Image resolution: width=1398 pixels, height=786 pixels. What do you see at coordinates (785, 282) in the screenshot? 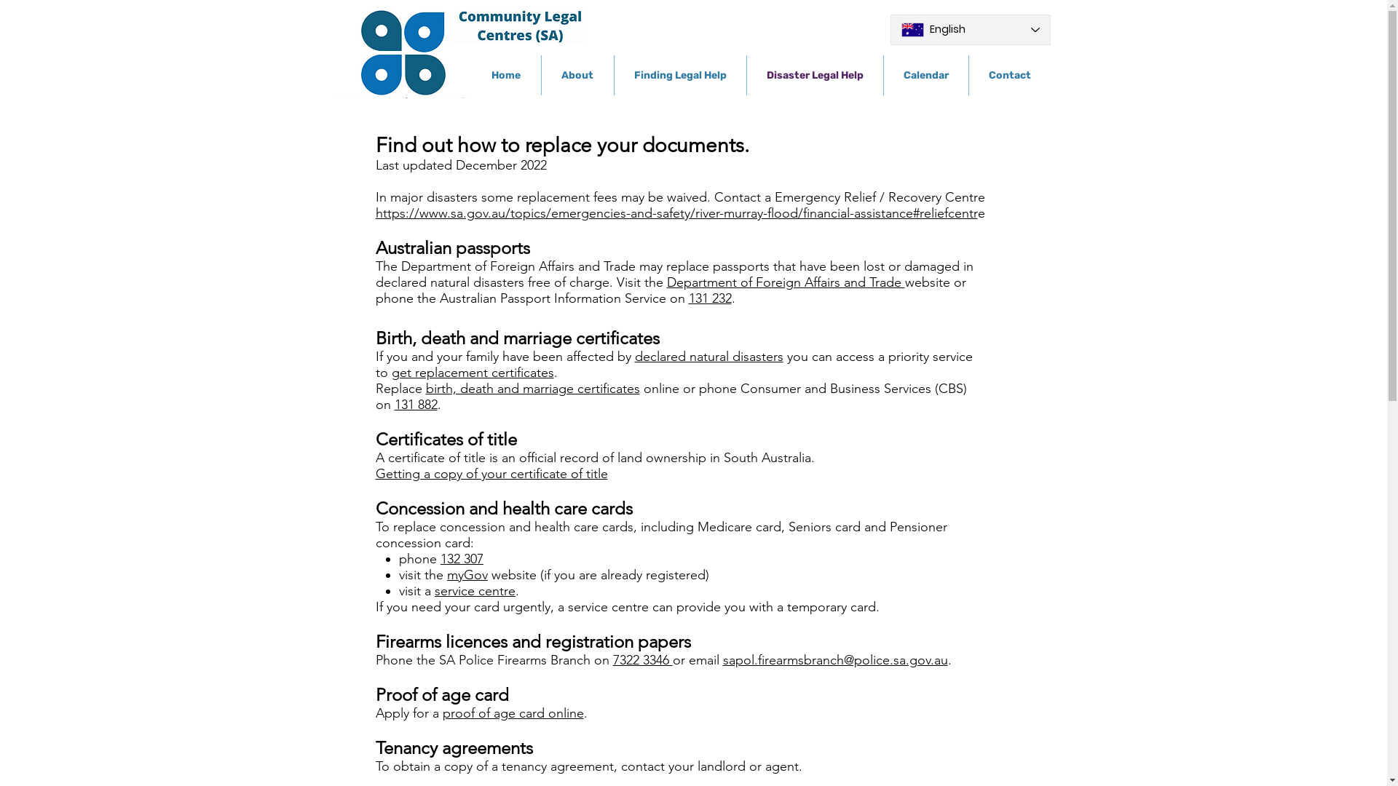
I see `'Department of Foreign Affairs and Trade '` at bounding box center [785, 282].